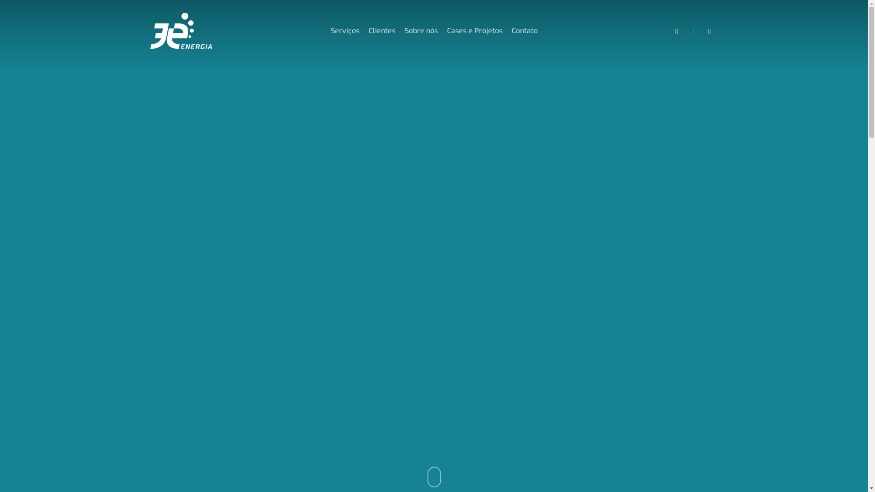 This screenshot has height=492, width=875. Describe the element at coordinates (474, 31) in the screenshot. I see `'Cases e Projetos'` at that location.